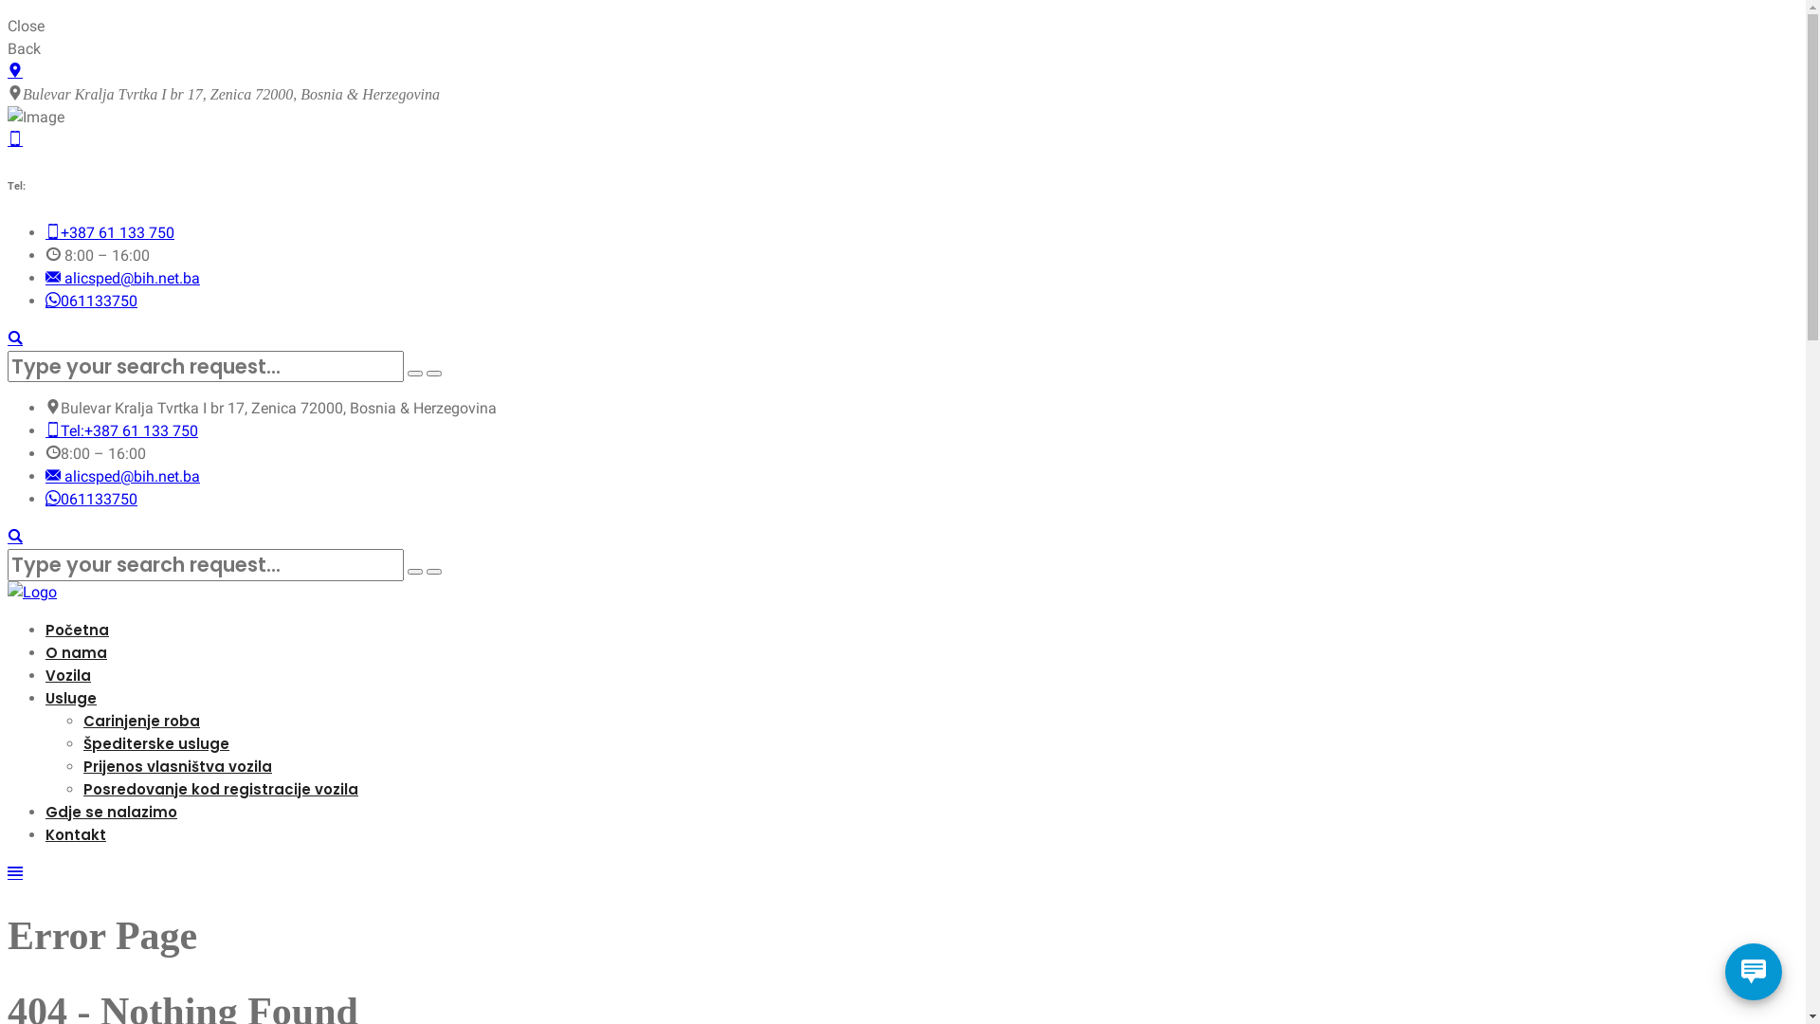 The height and width of the screenshot is (1024, 1820). I want to click on 'alicsped@bih.net.ba', so click(121, 475).